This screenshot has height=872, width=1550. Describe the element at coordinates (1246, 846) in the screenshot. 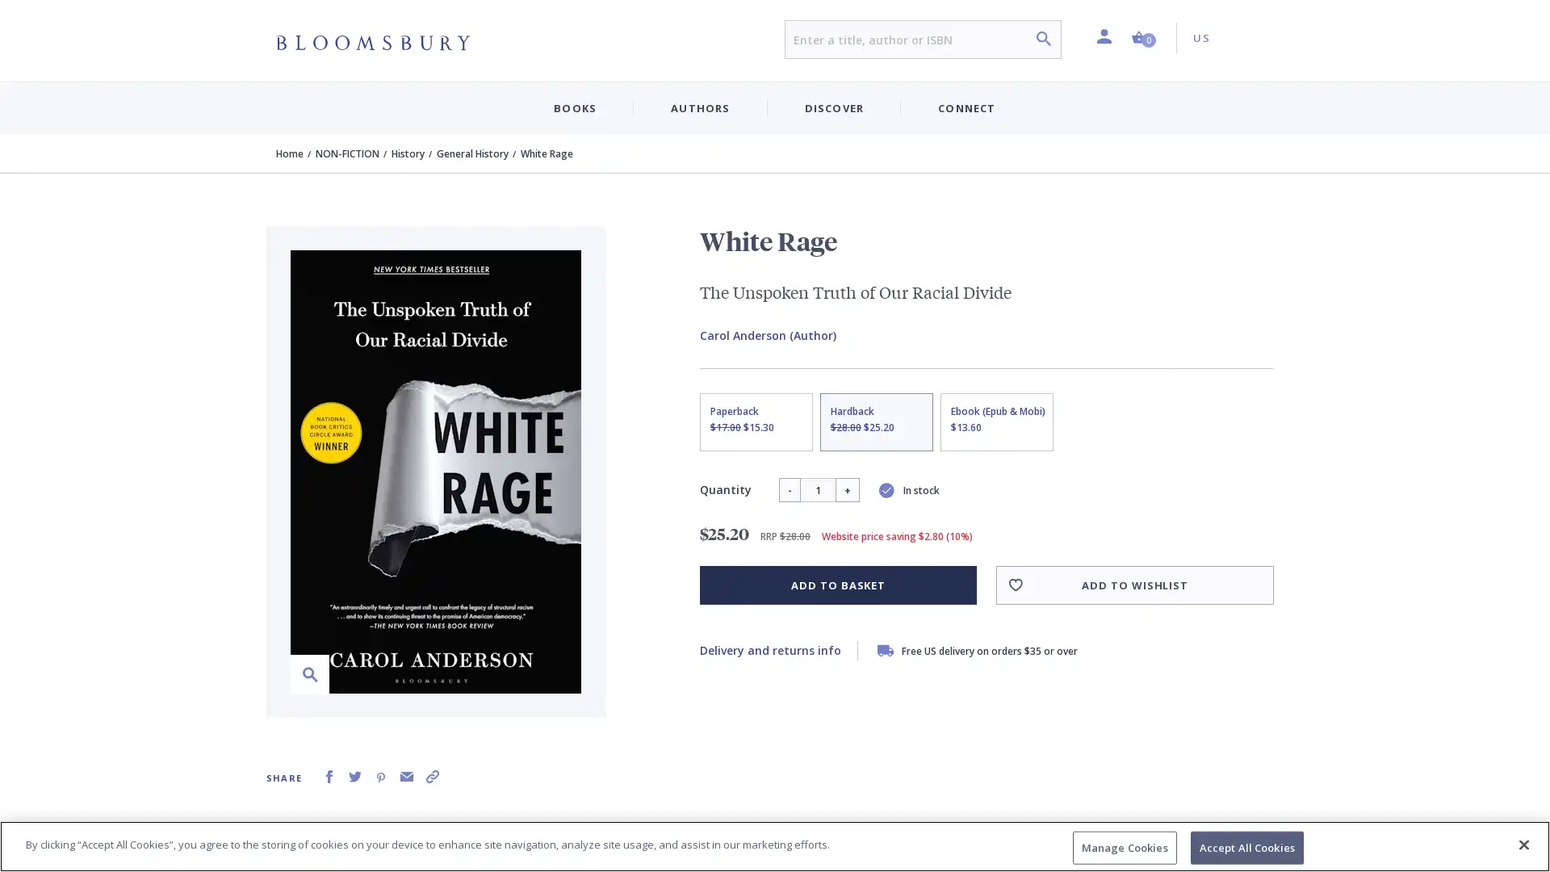

I see `Accept All Cookies` at that location.